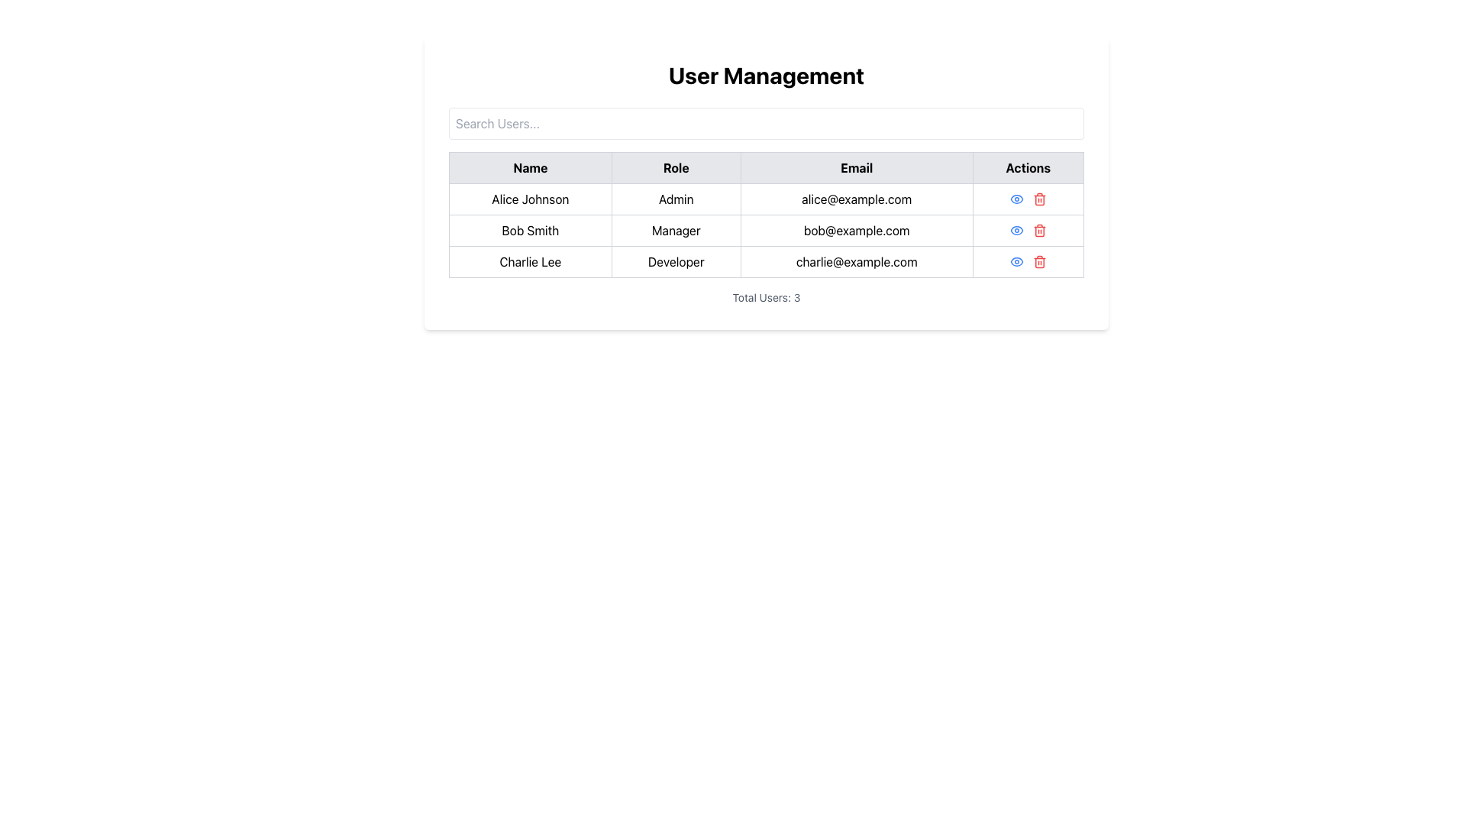 The height and width of the screenshot is (825, 1466). What do you see at coordinates (766, 76) in the screenshot?
I see `the 'User Management' header element, which is located at the top center of the panel above the search bar and data table` at bounding box center [766, 76].